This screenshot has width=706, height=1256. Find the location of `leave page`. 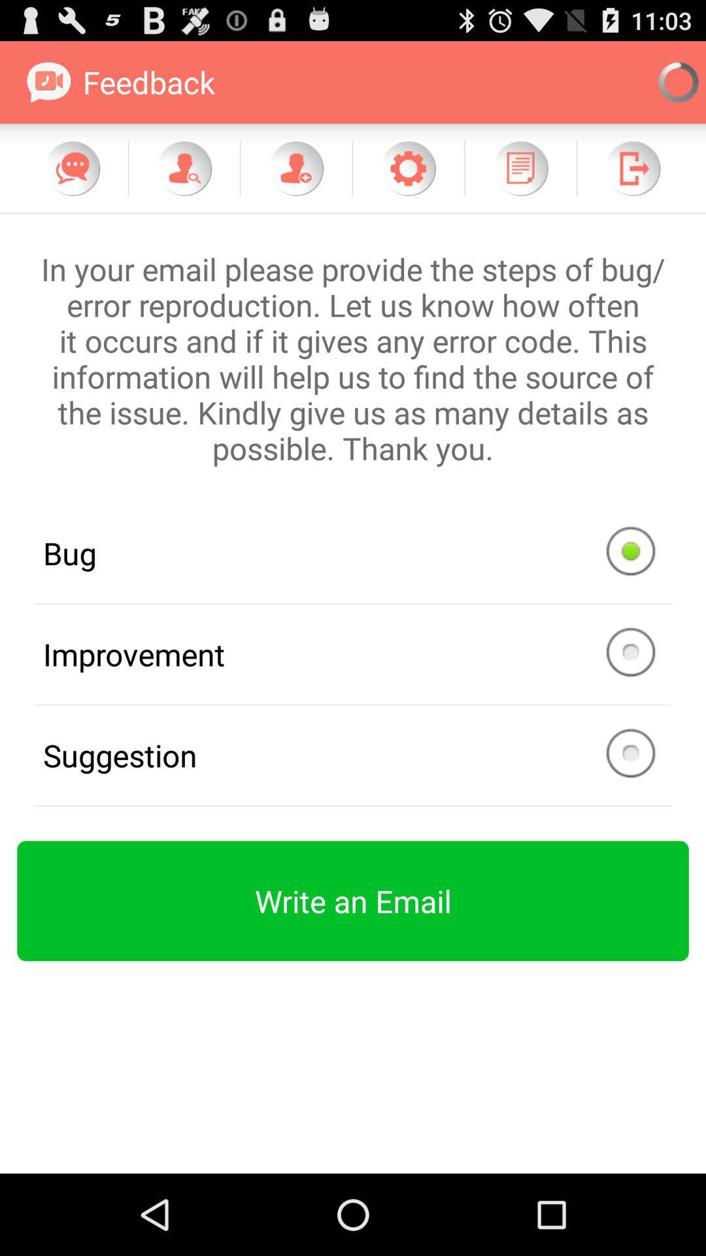

leave page is located at coordinates (632, 167).